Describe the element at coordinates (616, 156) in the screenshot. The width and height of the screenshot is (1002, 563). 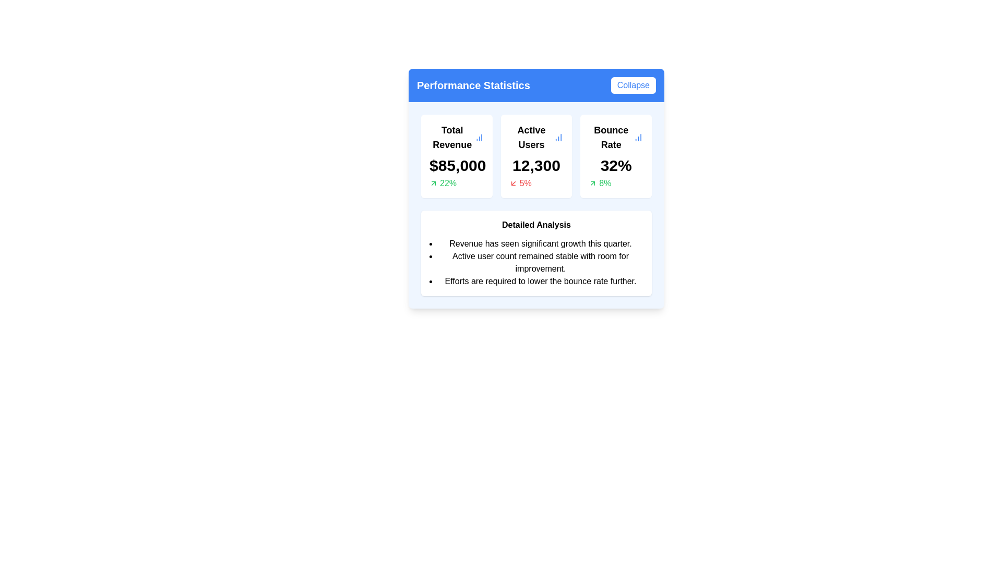
I see `displayed information from the 'Bounce Rate' information card, which is a white card with rounded corners, showing '32%' in bold and '8%' in green with an upward arrow icon` at that location.